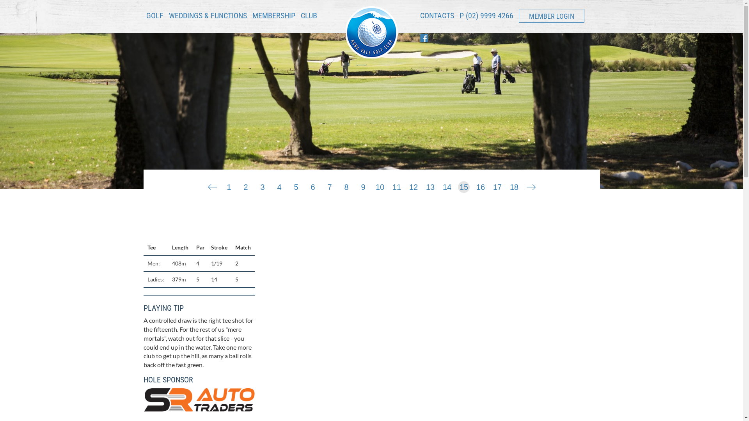  What do you see at coordinates (262, 185) in the screenshot?
I see `'3'` at bounding box center [262, 185].